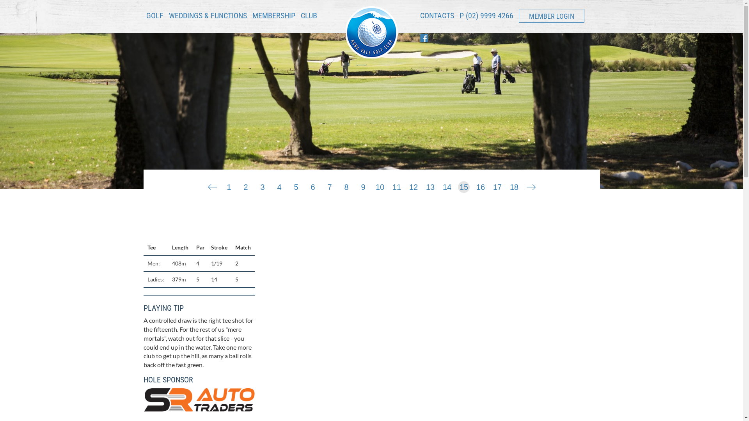  What do you see at coordinates (262, 185) in the screenshot?
I see `'3'` at bounding box center [262, 185].